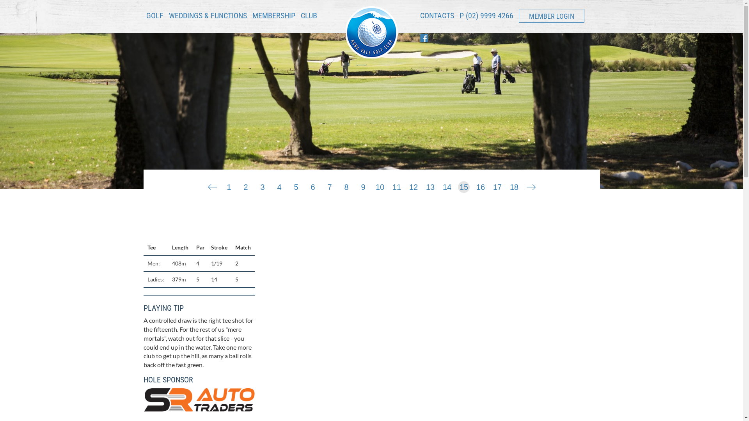  What do you see at coordinates (262, 185) in the screenshot?
I see `'3'` at bounding box center [262, 185].